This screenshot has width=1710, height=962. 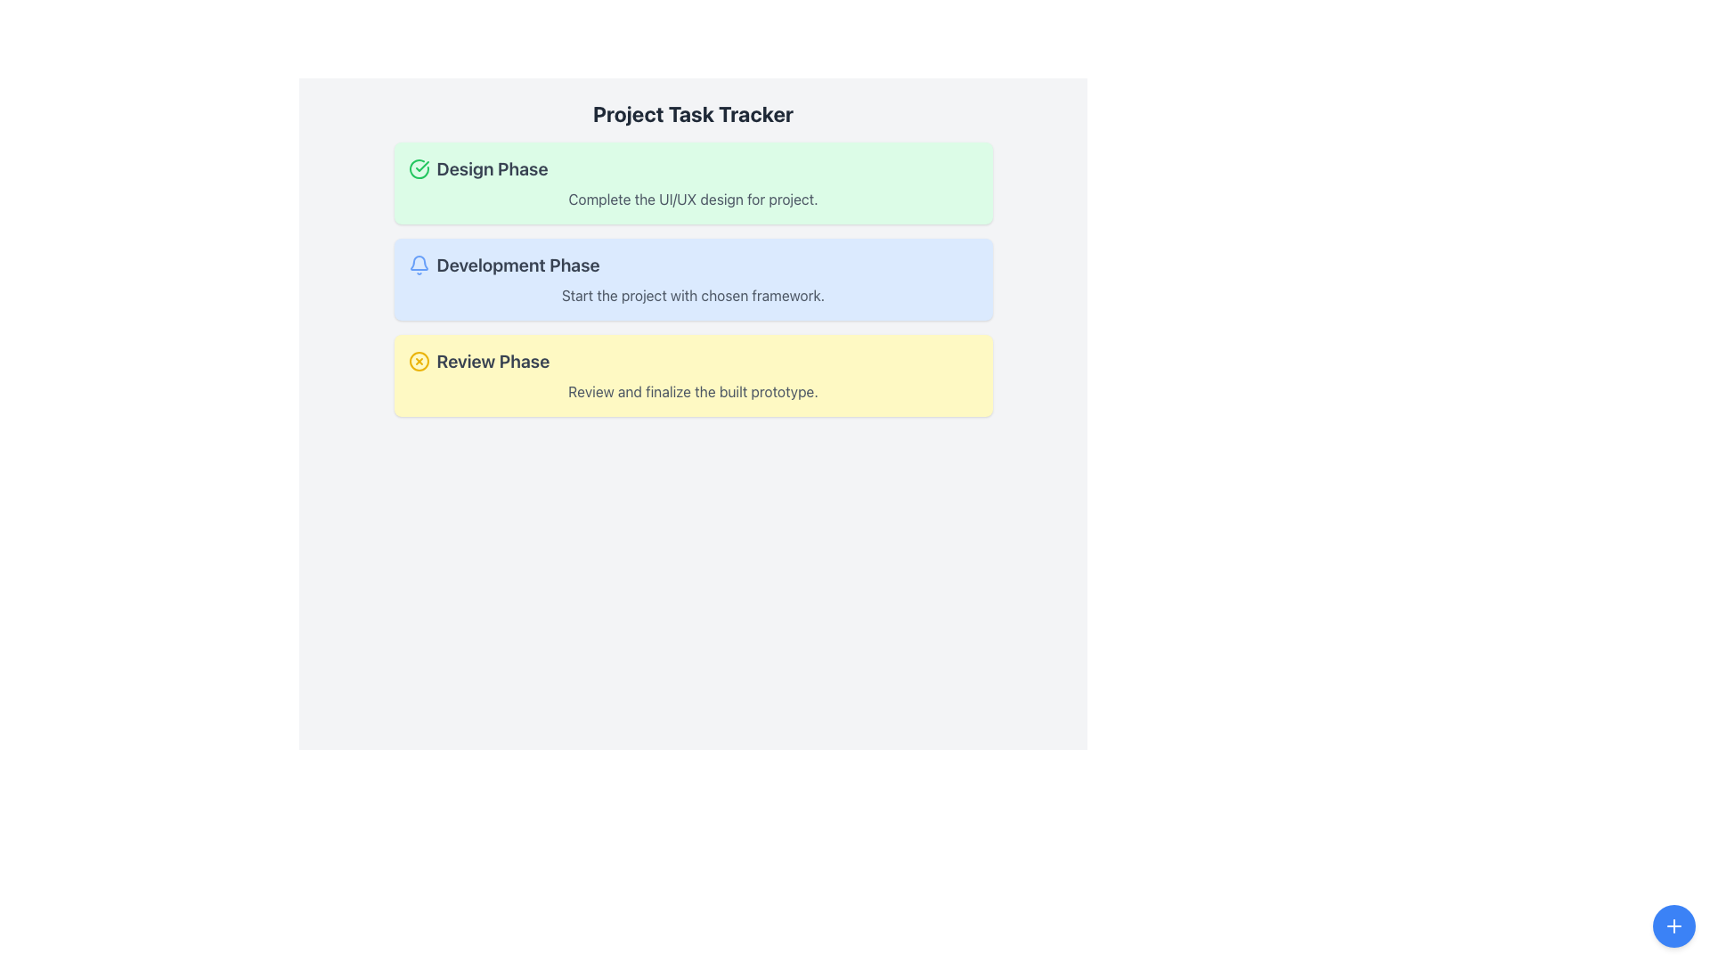 What do you see at coordinates (418, 265) in the screenshot?
I see `the blue bell icon with an animate-pulse class located immediately to the left of the 'Development Phase' title in the middle task card` at bounding box center [418, 265].